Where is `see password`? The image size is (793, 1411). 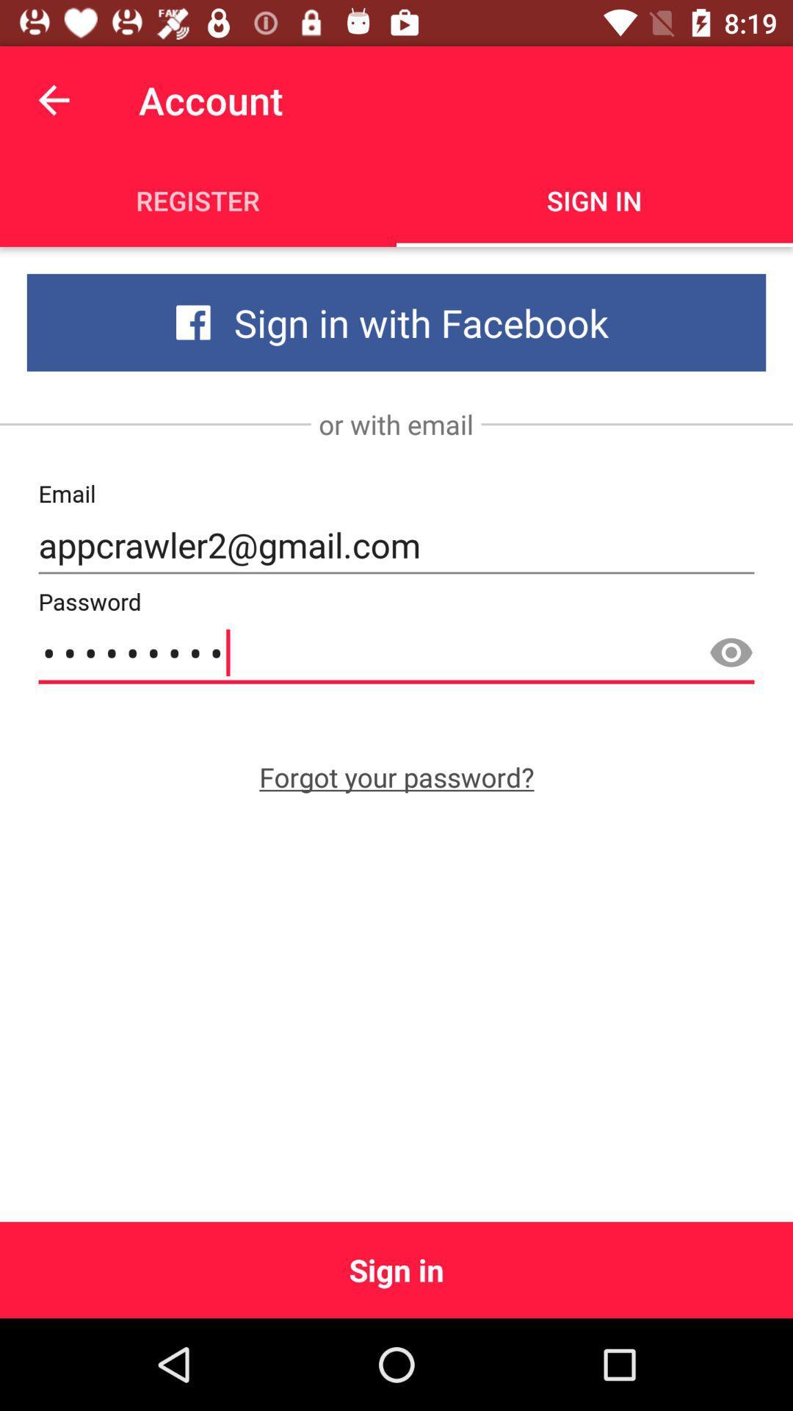 see password is located at coordinates (731, 653).